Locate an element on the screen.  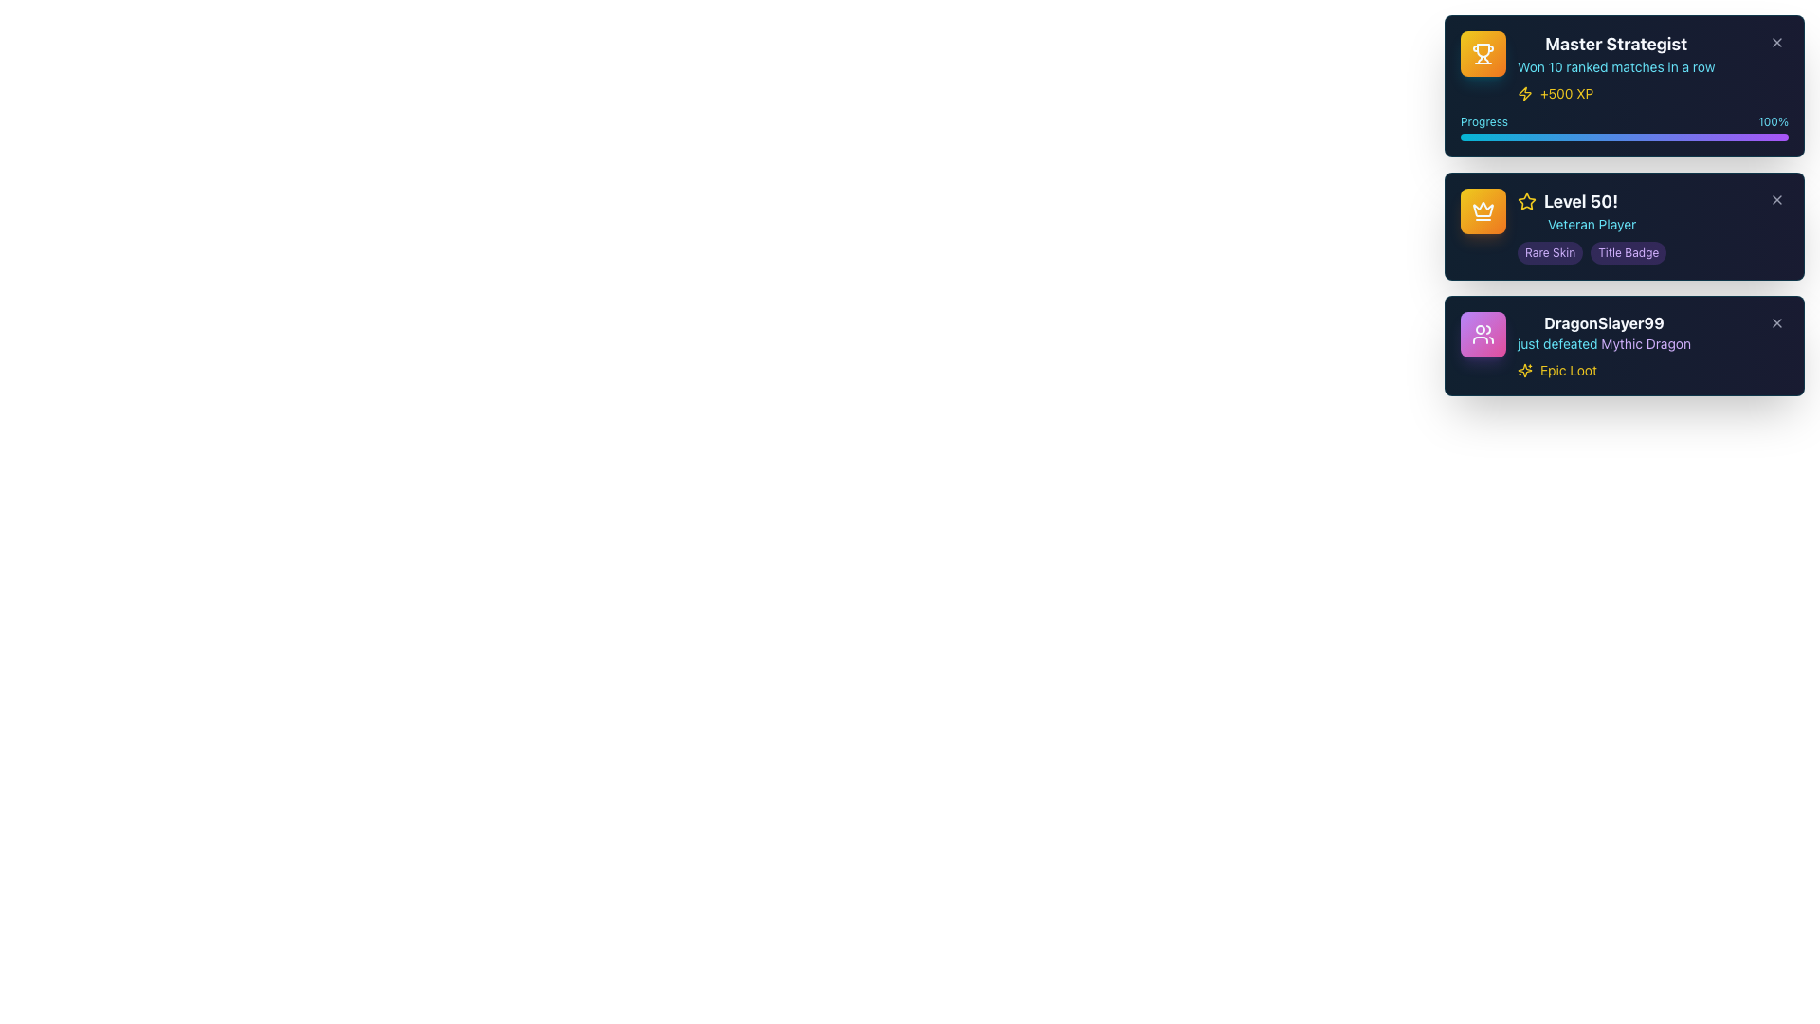
the close button styled as an 'X' located at the top-right corner of the 'Master Strategist' card is located at coordinates (1776, 43).